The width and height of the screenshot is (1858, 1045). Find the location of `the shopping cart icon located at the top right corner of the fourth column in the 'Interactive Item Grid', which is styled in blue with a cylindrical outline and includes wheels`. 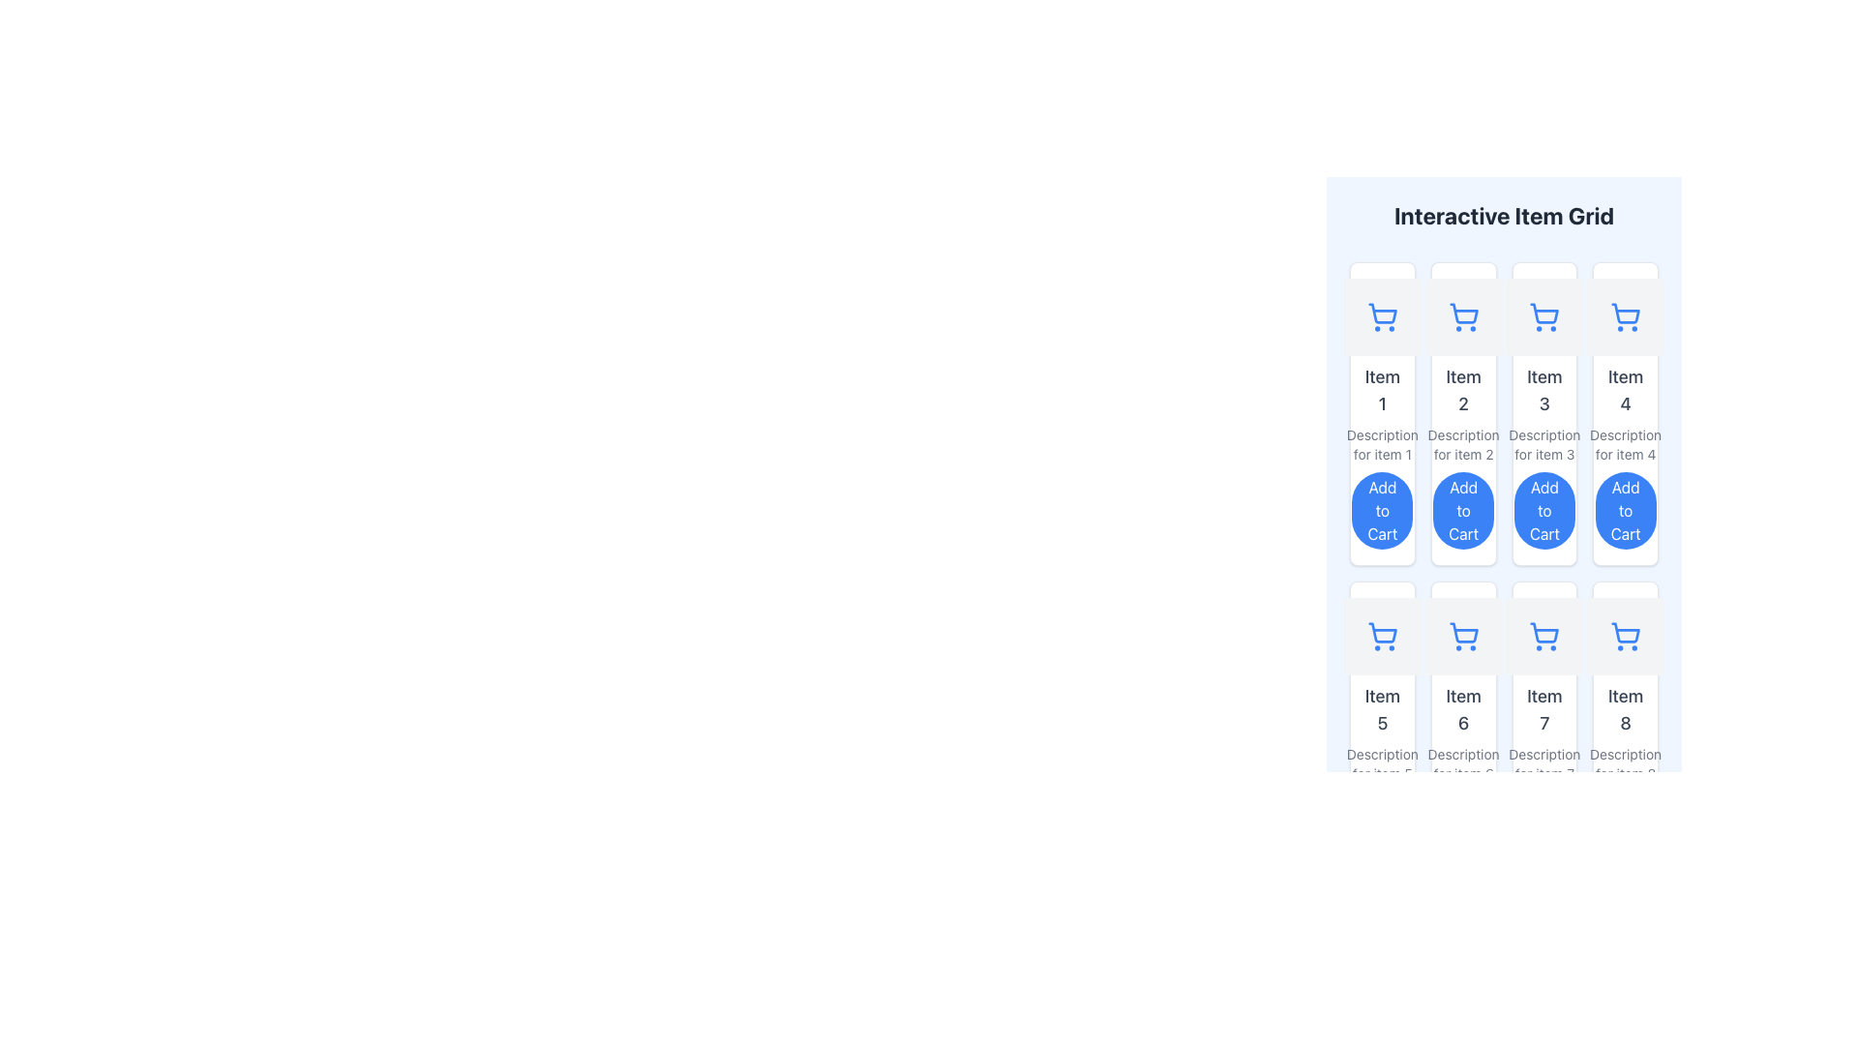

the shopping cart icon located at the top right corner of the fourth column in the 'Interactive Item Grid', which is styled in blue with a cylindrical outline and includes wheels is located at coordinates (1626, 315).